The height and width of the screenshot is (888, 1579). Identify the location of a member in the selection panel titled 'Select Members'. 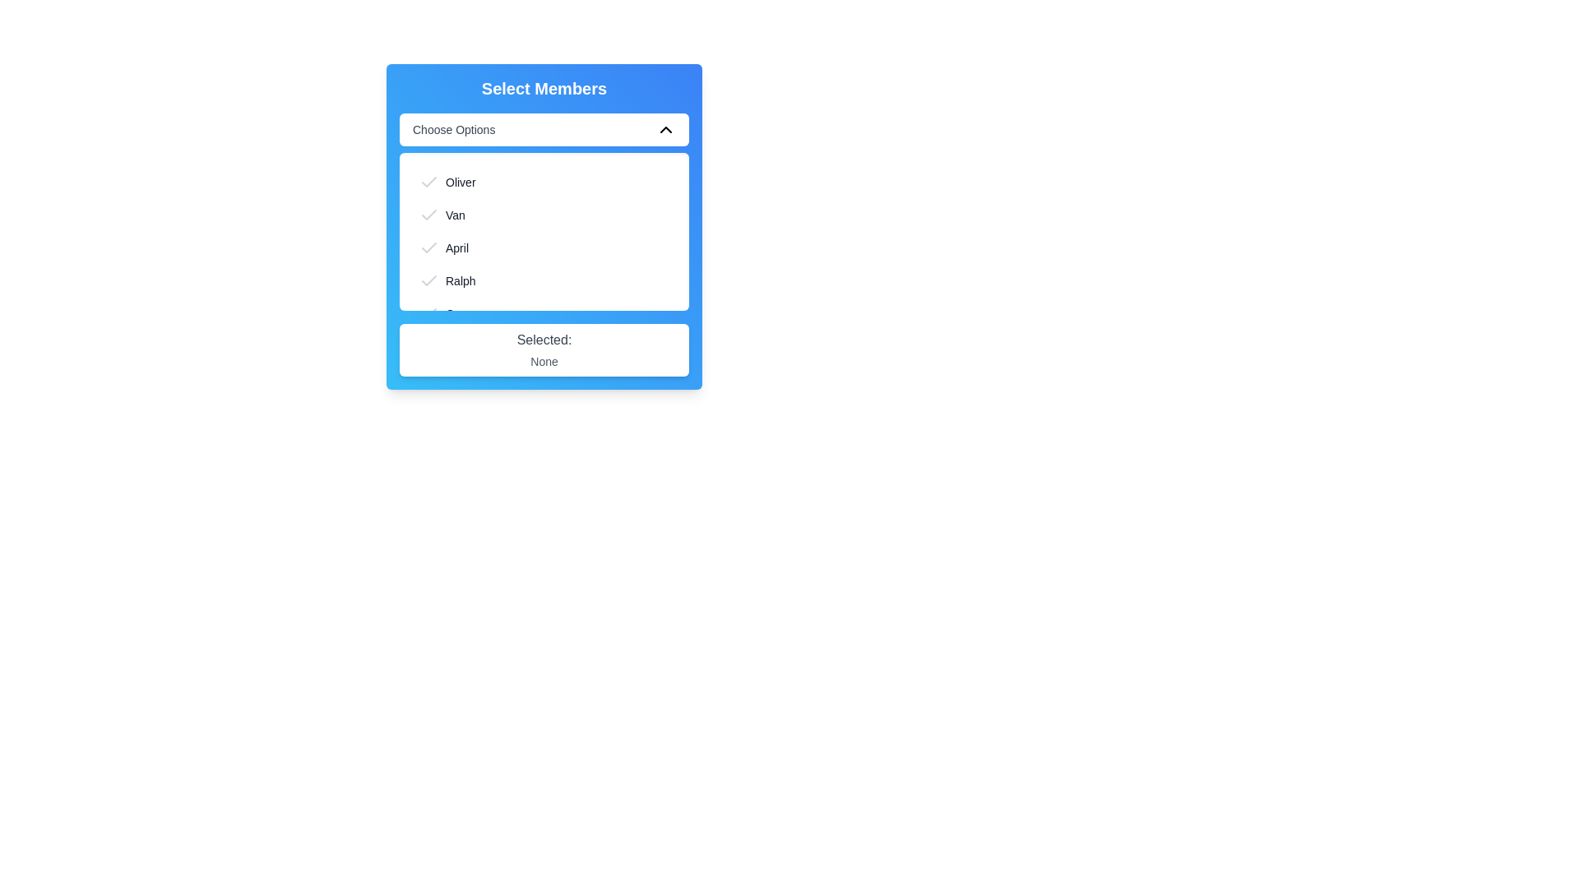
(544, 227).